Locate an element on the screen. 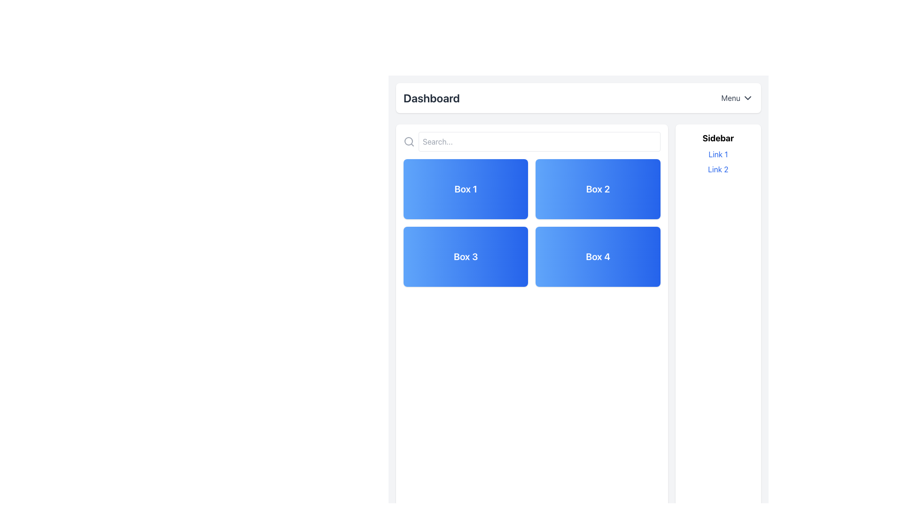 The width and height of the screenshot is (902, 507). the first hyperlink in the 'Sidebar' section on the right side of the application layout is located at coordinates (717, 154).